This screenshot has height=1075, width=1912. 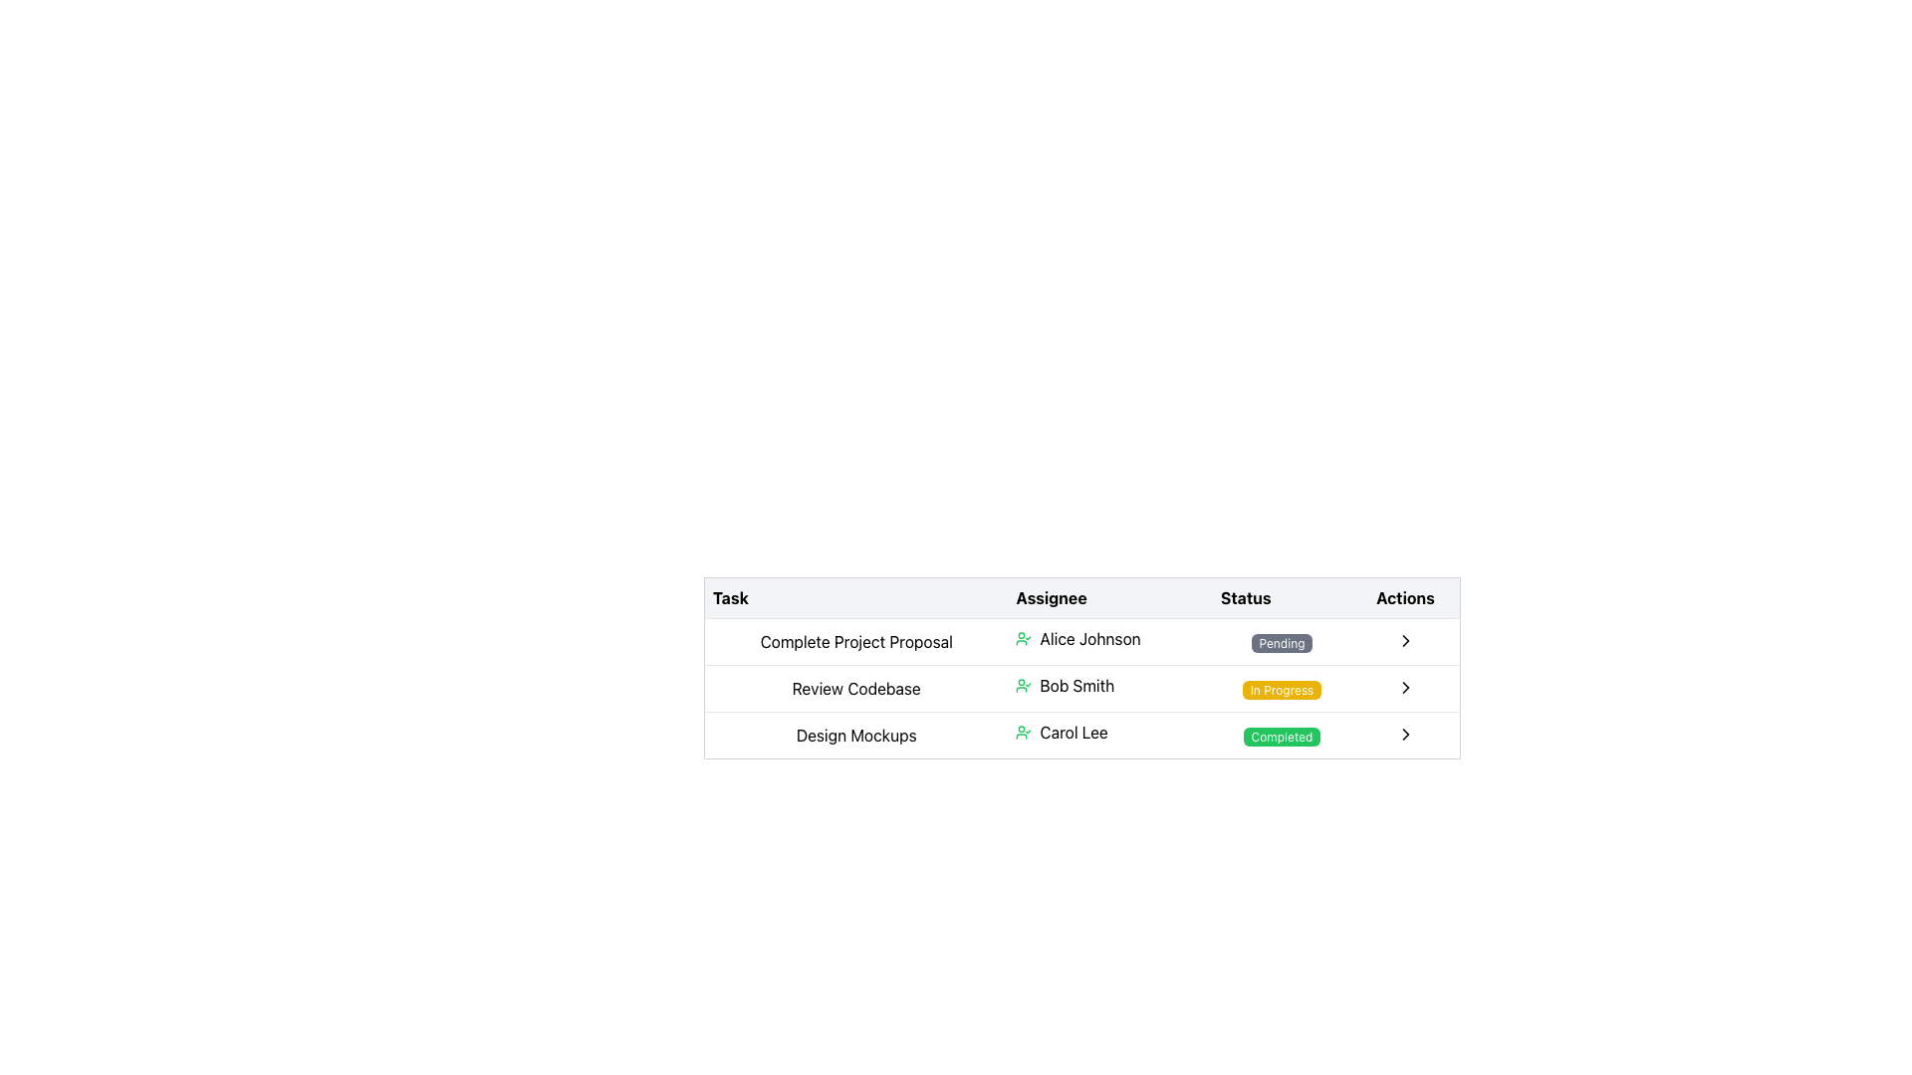 I want to click on the text label for the task entry located in the first row of the task management table, which provides the name or description of a specific task, so click(x=855, y=641).